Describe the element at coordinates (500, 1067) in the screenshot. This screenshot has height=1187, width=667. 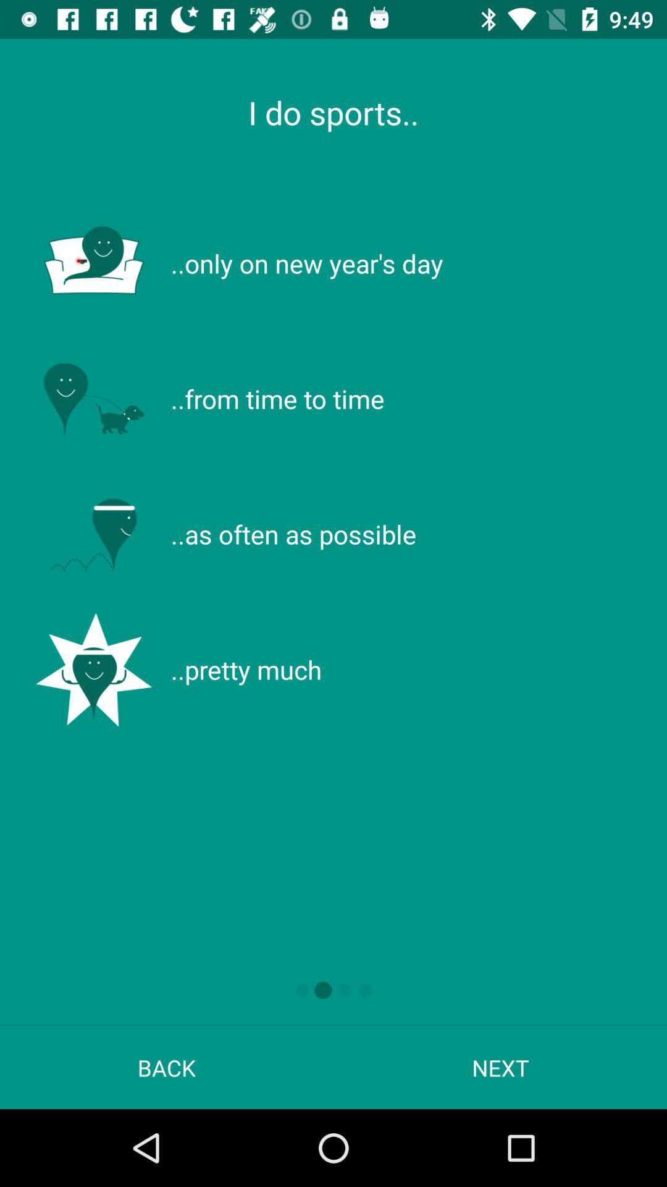
I see `app to the right of the back` at that location.